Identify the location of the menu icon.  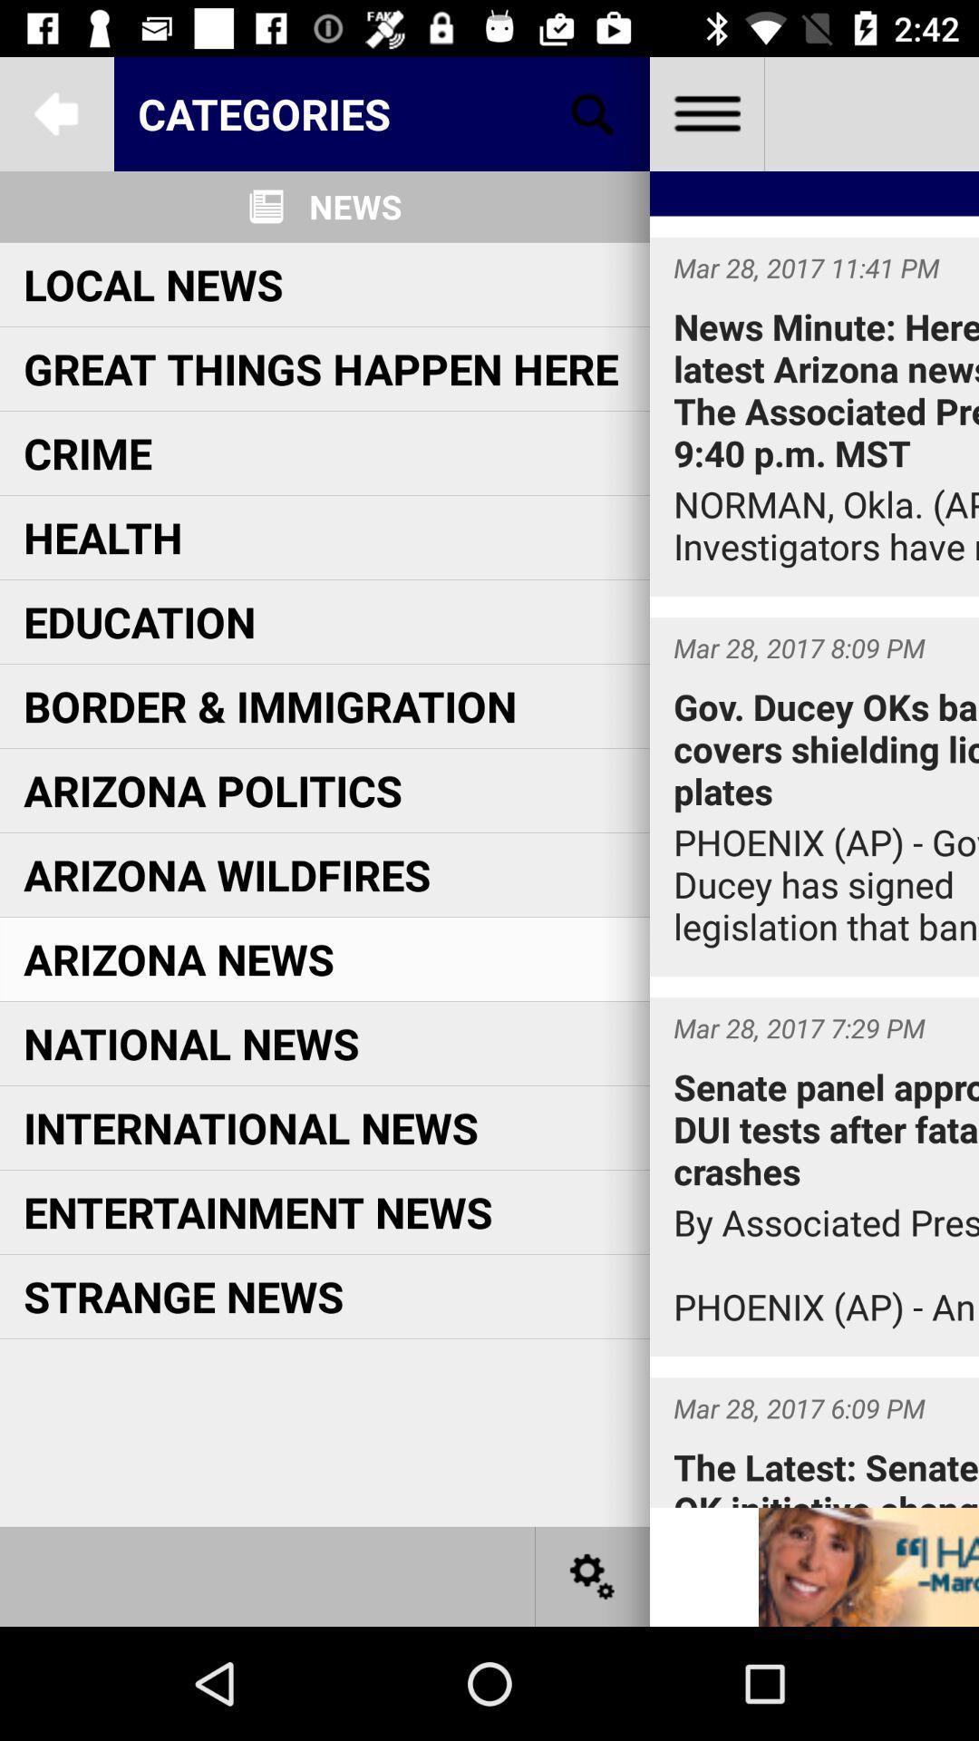
(705, 112).